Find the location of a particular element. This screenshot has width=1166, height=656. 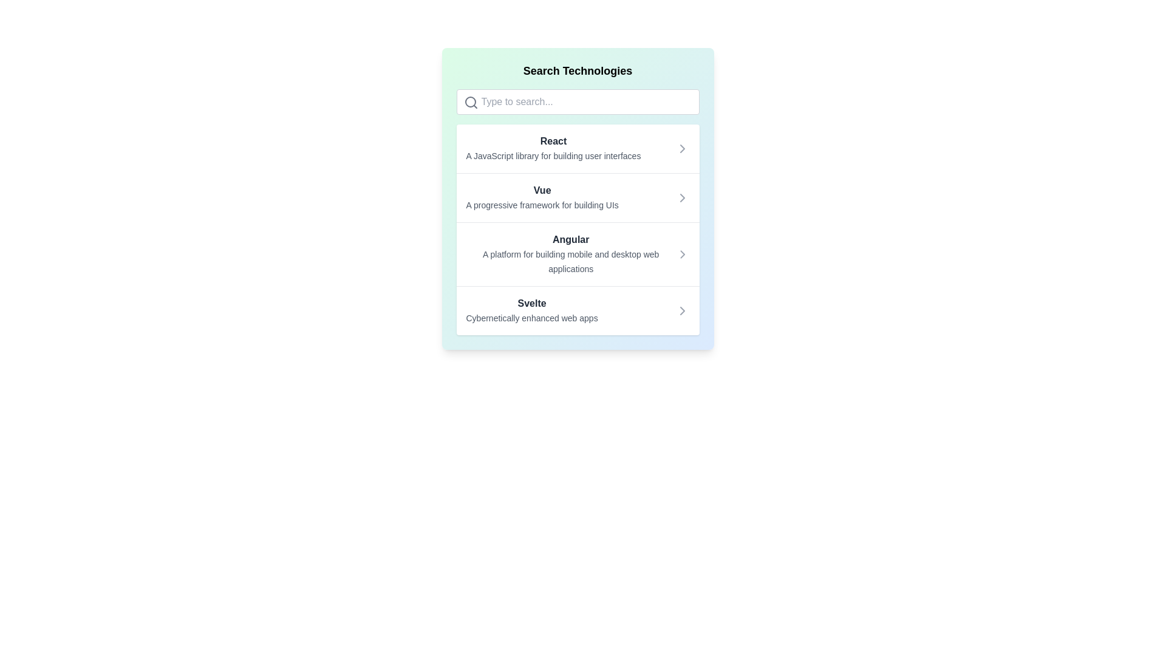

the 'React' list item in the navigational menu is located at coordinates (577, 148).